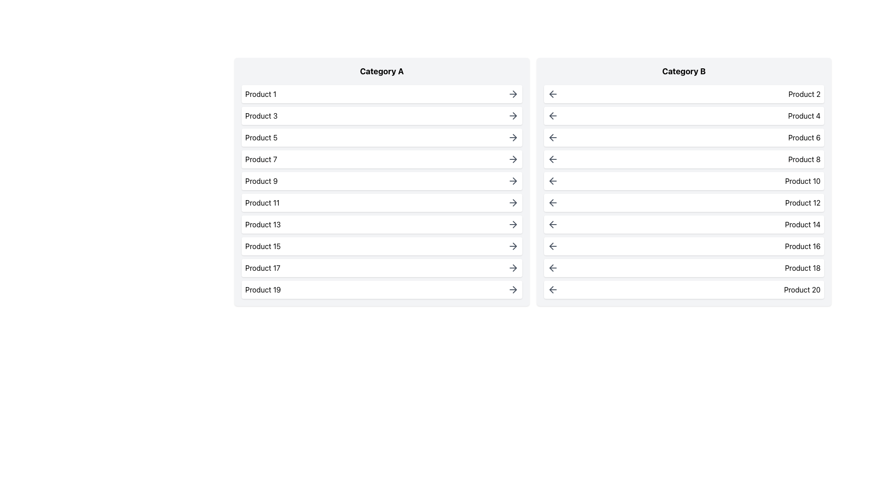  What do you see at coordinates (382, 202) in the screenshot?
I see `the list item labeled 'Product 11' in the vertical list under 'Category A'` at bounding box center [382, 202].